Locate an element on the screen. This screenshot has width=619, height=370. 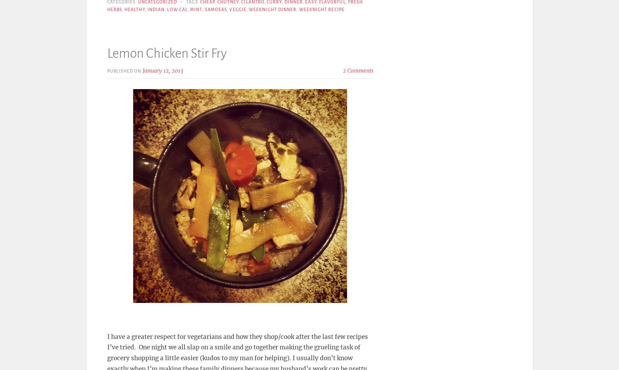
'Low-cal' is located at coordinates (177, 9).